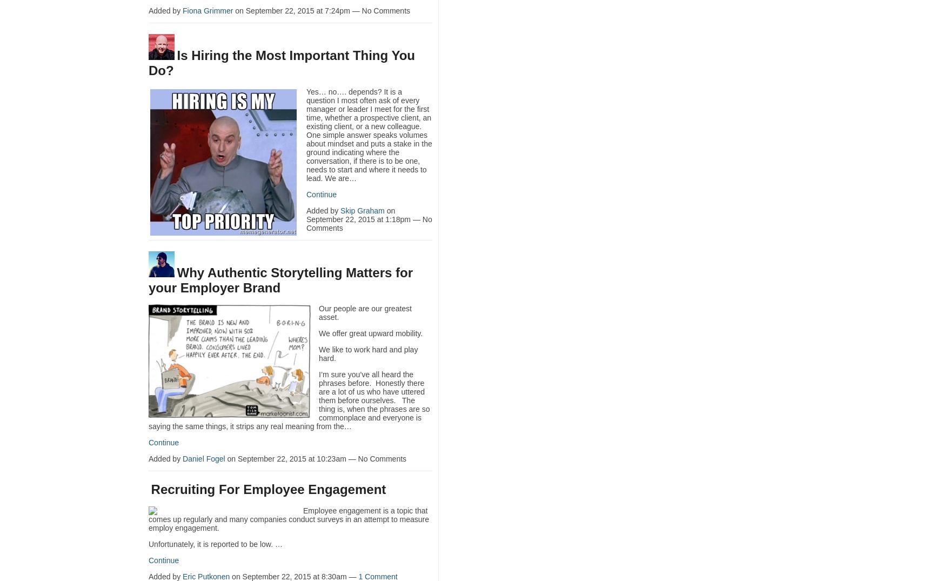 This screenshot has height=581, width=936. What do you see at coordinates (268, 489) in the screenshot?
I see `'Recruiting For Employee Engagement'` at bounding box center [268, 489].